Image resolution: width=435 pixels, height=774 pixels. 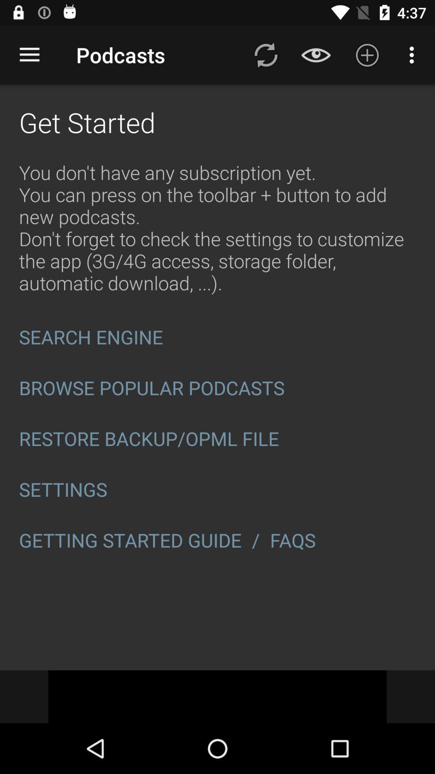 I want to click on faqs, so click(x=295, y=540).